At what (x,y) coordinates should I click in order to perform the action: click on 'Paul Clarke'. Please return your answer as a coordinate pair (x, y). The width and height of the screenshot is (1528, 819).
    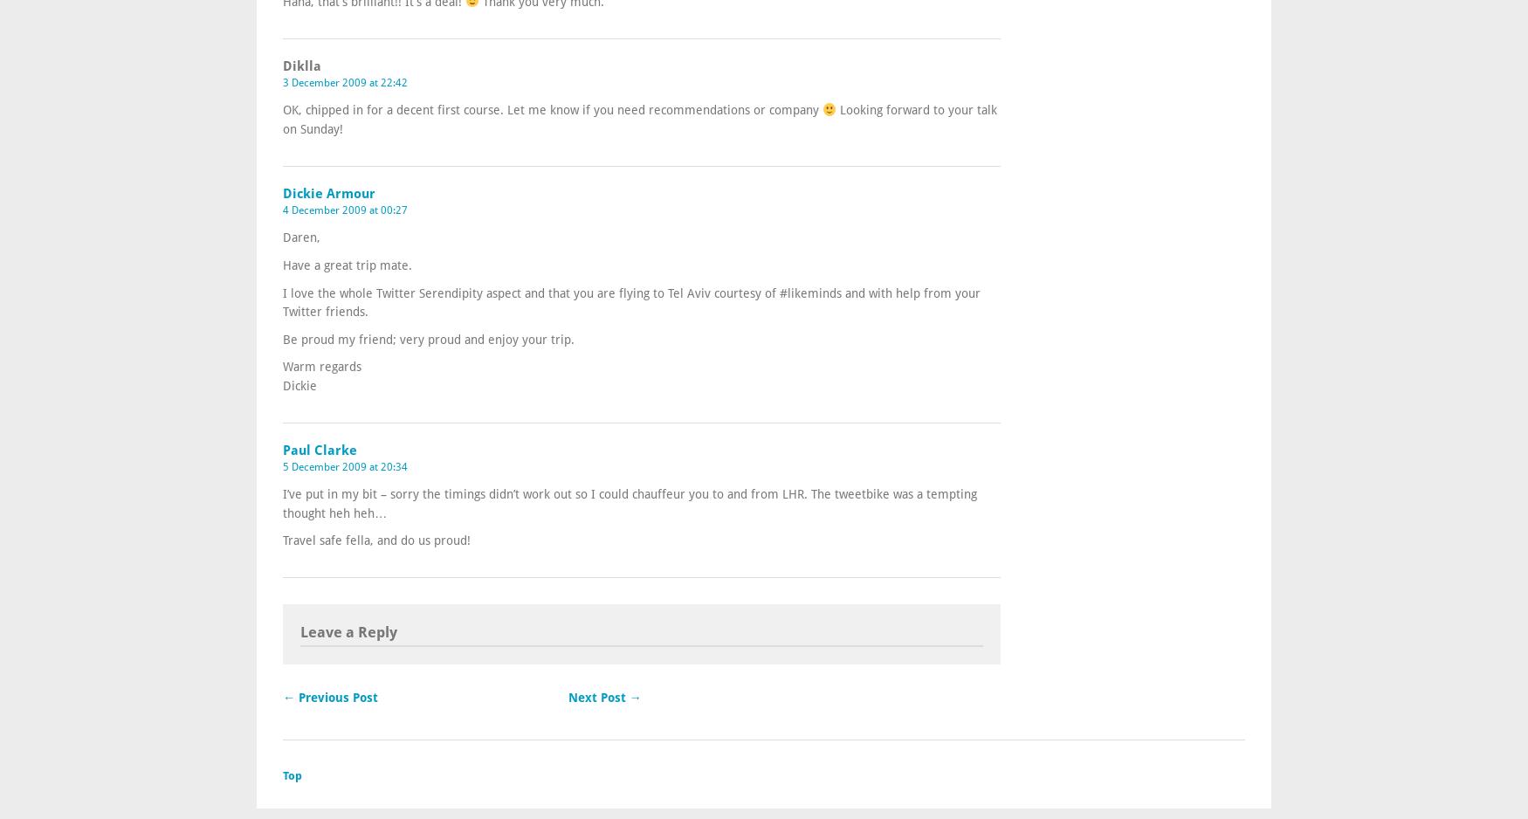
    Looking at the image, I should click on (320, 448).